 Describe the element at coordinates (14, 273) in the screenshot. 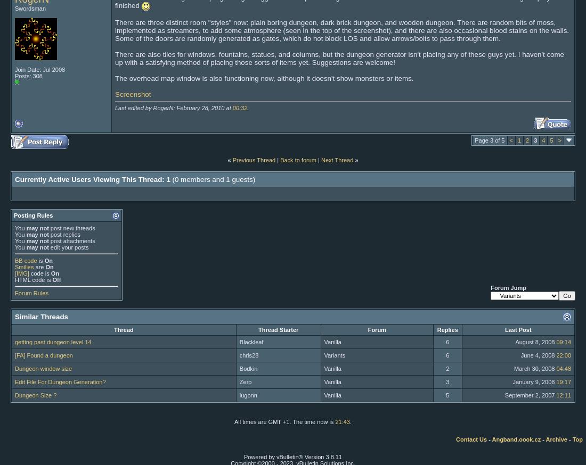

I see `'[IMG]'` at that location.